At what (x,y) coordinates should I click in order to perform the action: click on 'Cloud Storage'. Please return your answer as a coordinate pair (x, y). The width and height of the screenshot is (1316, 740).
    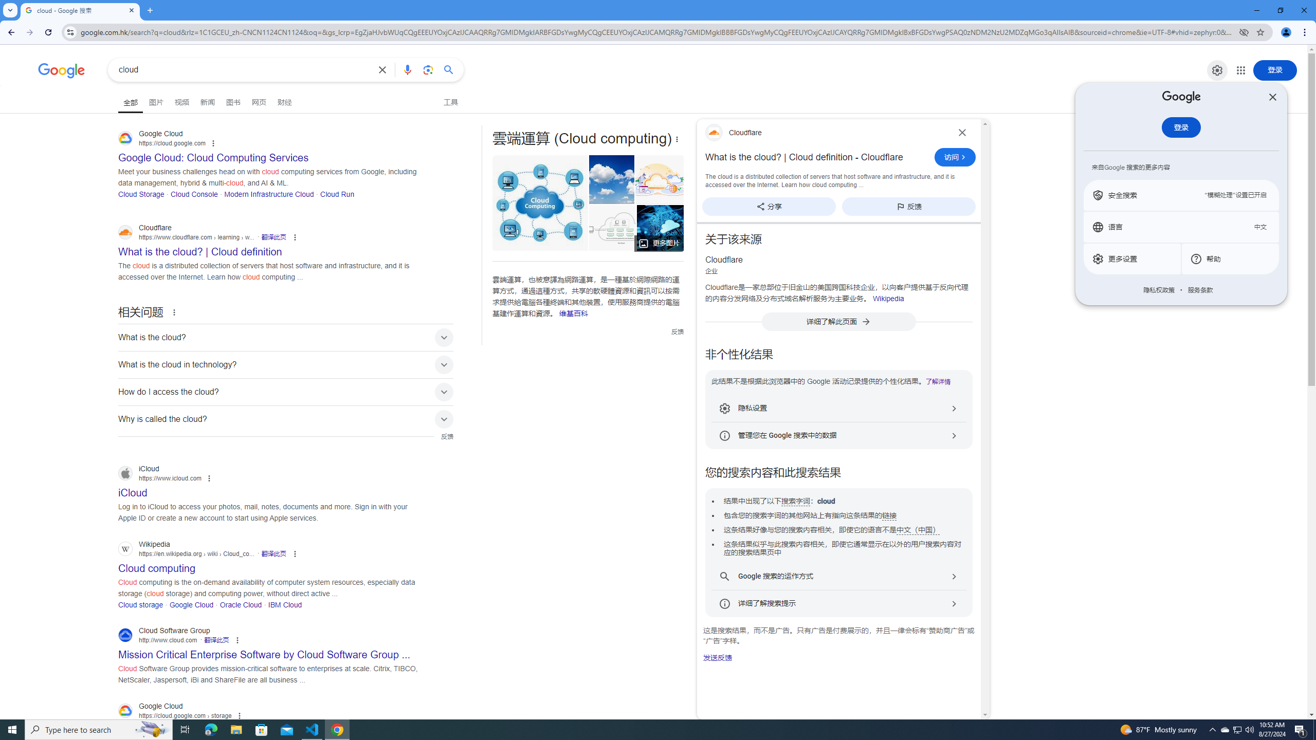
    Looking at the image, I should click on (141, 193).